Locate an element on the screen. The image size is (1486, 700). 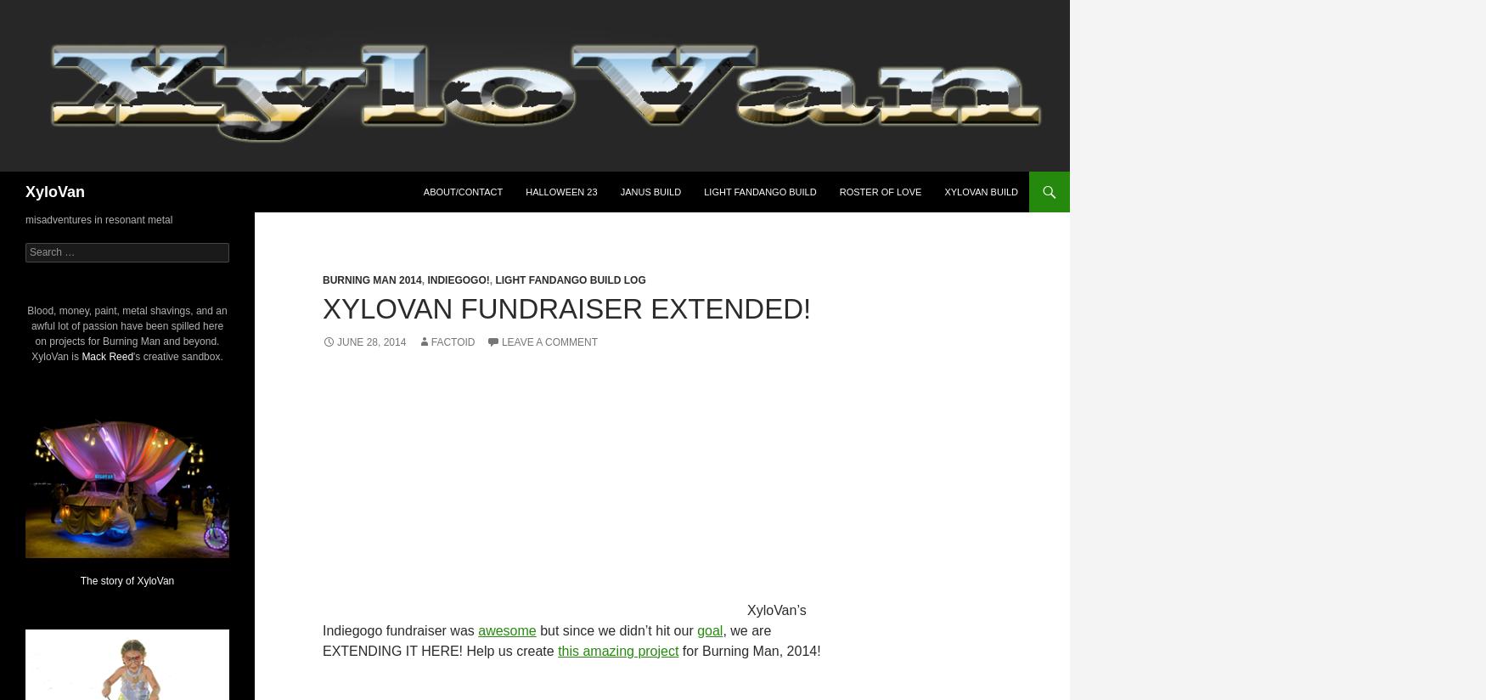
'goal' is located at coordinates (696, 630).